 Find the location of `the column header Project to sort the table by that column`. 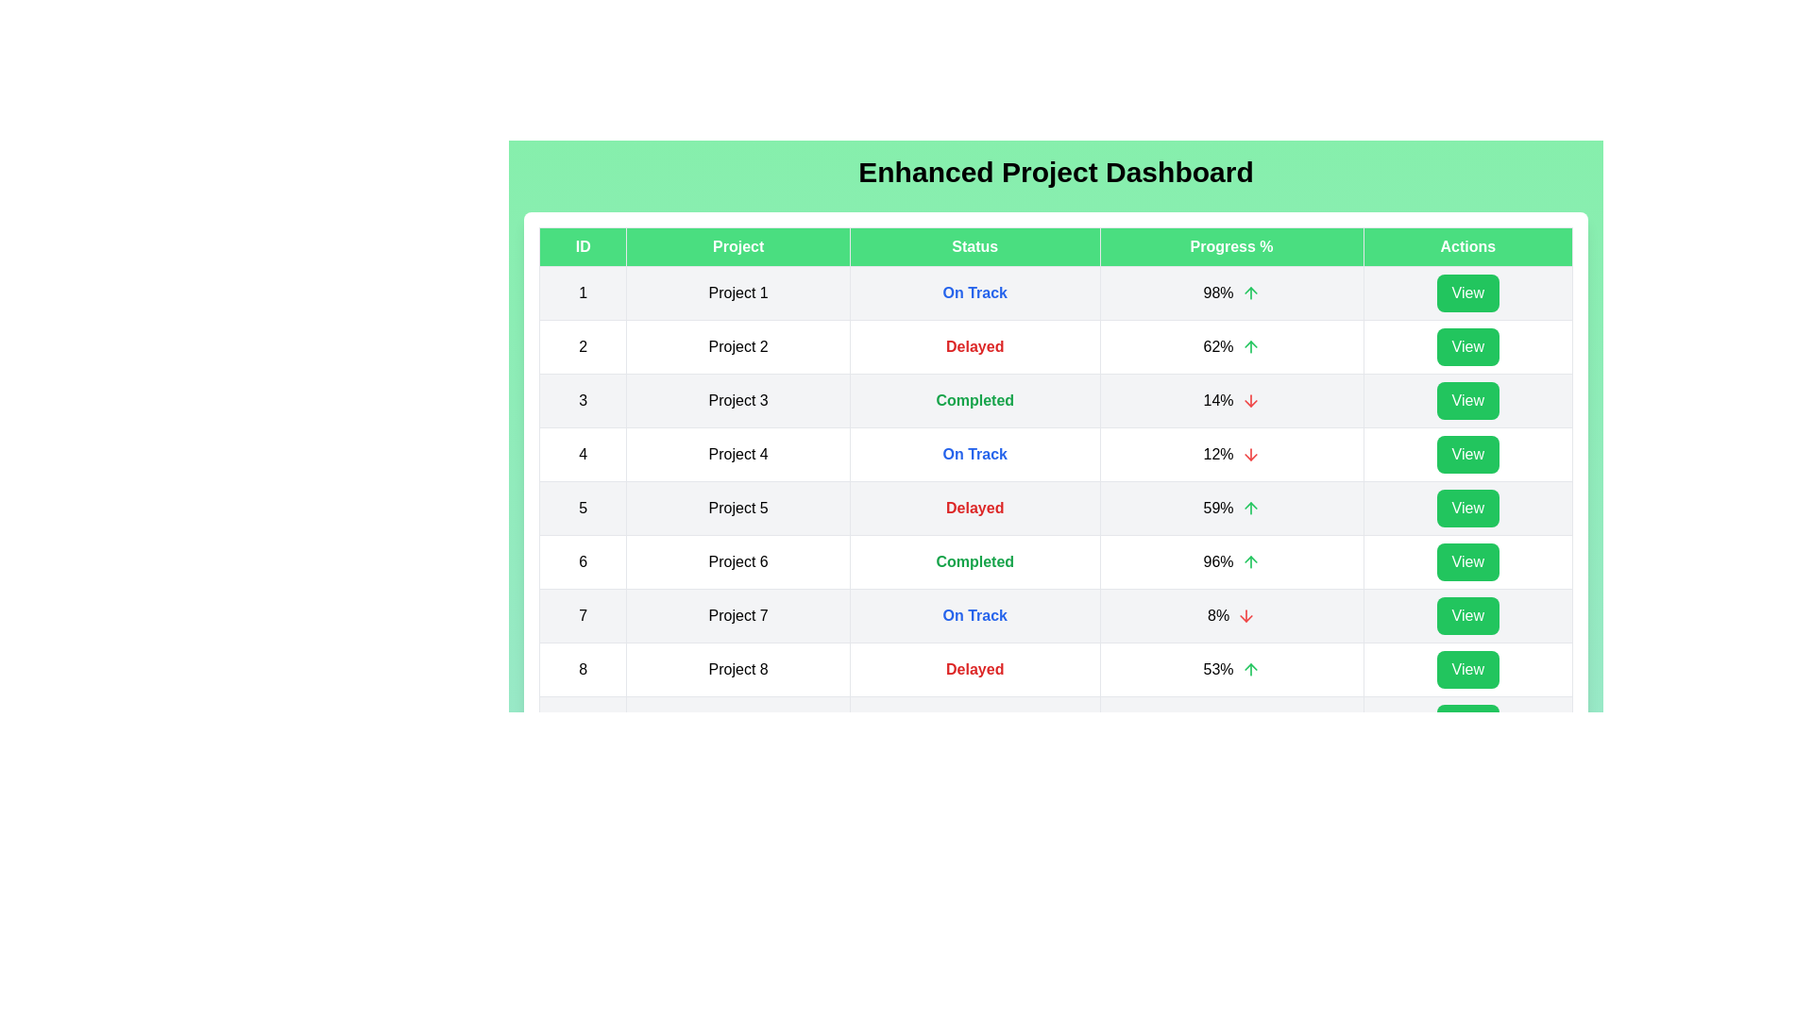

the column header Project to sort the table by that column is located at coordinates (737, 246).